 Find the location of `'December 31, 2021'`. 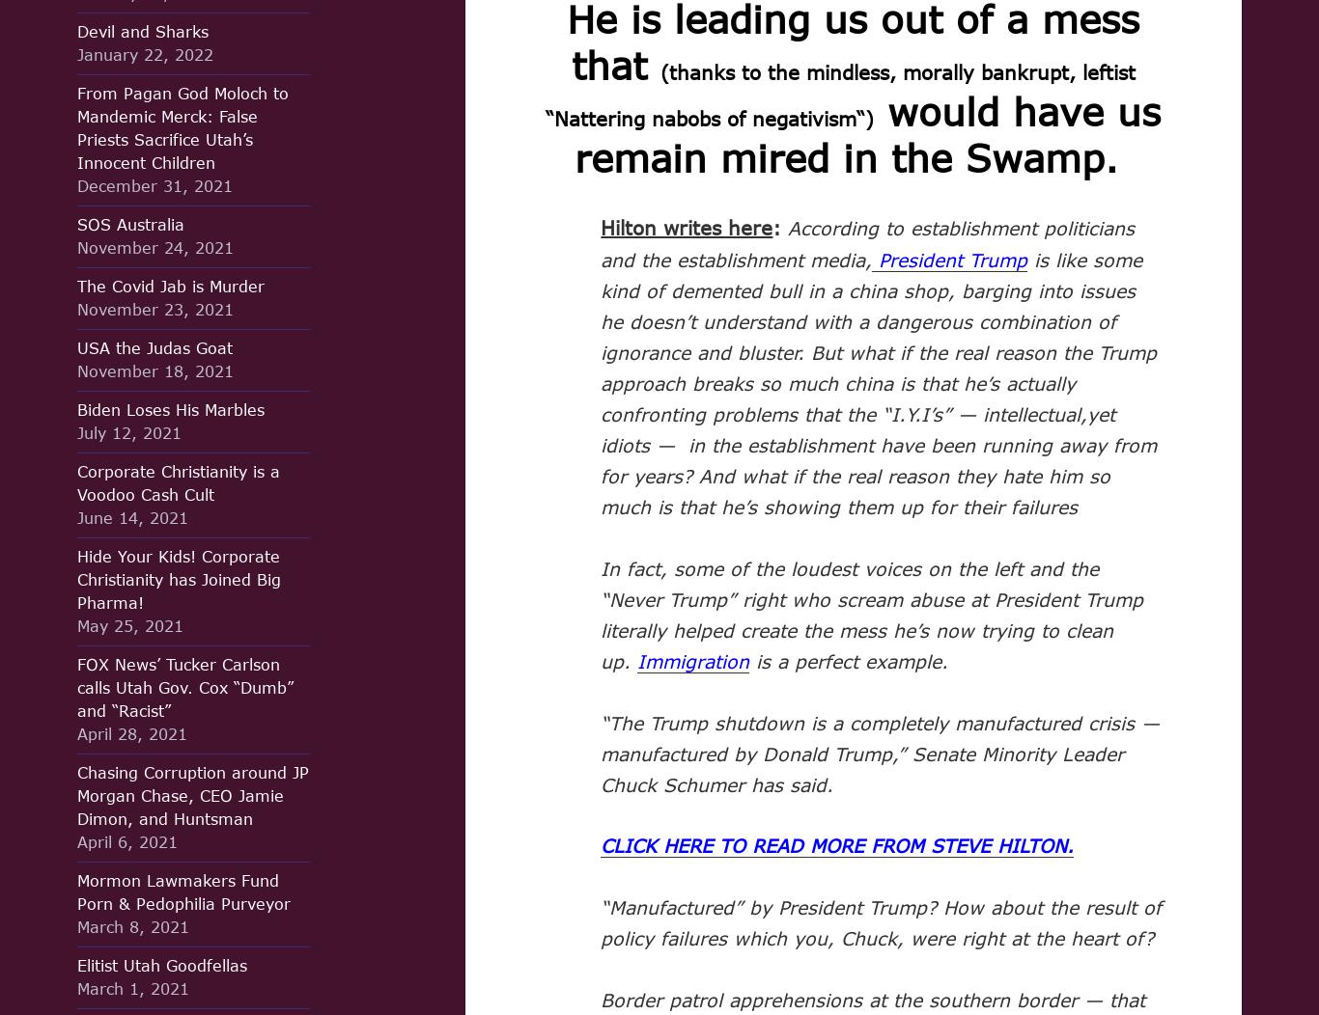

'December 31, 2021' is located at coordinates (154, 185).